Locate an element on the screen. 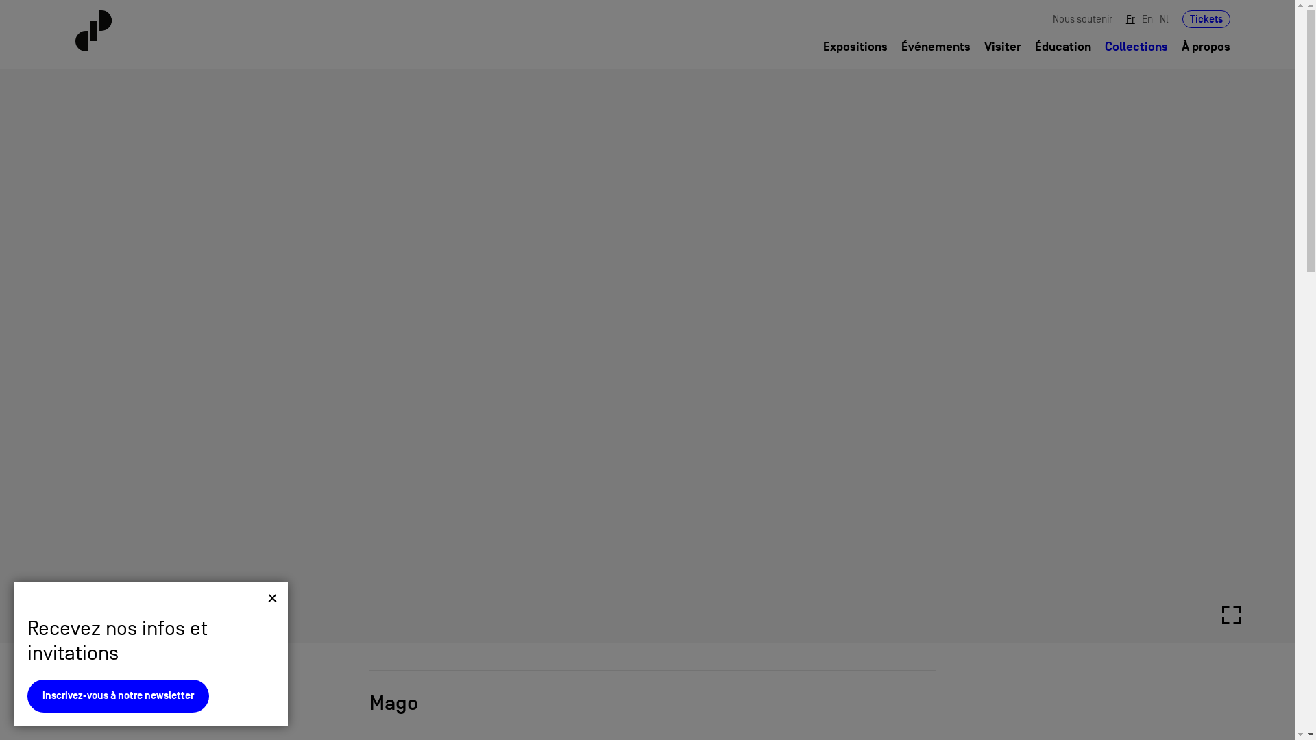  'En' is located at coordinates (1147, 18).